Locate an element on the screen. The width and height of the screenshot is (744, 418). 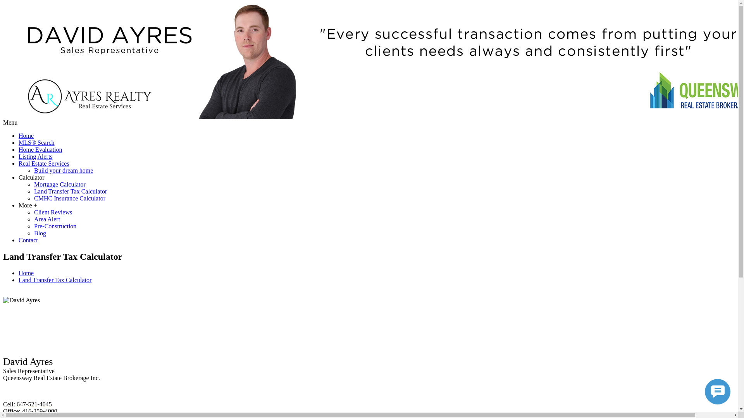
'Client Reviews' is located at coordinates (53, 212).